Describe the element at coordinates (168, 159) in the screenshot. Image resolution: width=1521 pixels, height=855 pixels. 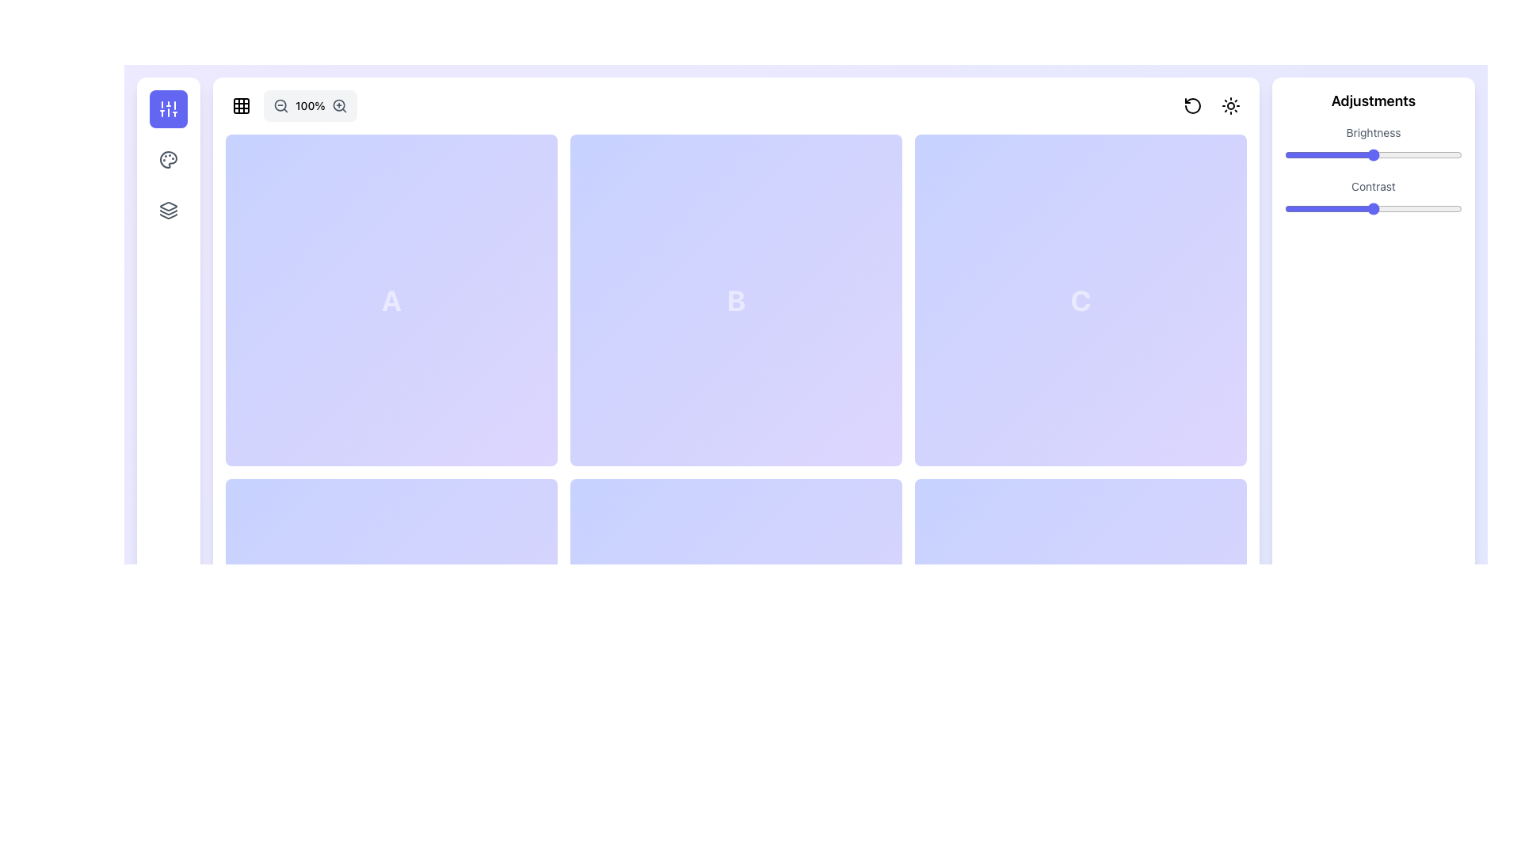
I see `the artistic palette SVG icon located in the side navbar` at that location.